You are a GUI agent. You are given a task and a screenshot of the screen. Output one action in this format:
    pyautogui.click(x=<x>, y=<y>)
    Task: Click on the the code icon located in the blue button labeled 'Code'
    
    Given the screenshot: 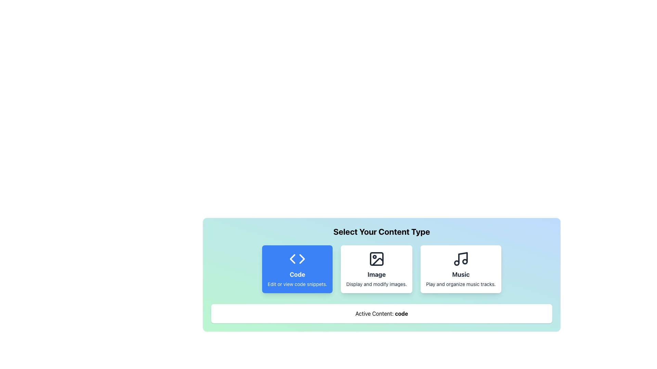 What is the action you would take?
    pyautogui.click(x=297, y=259)
    